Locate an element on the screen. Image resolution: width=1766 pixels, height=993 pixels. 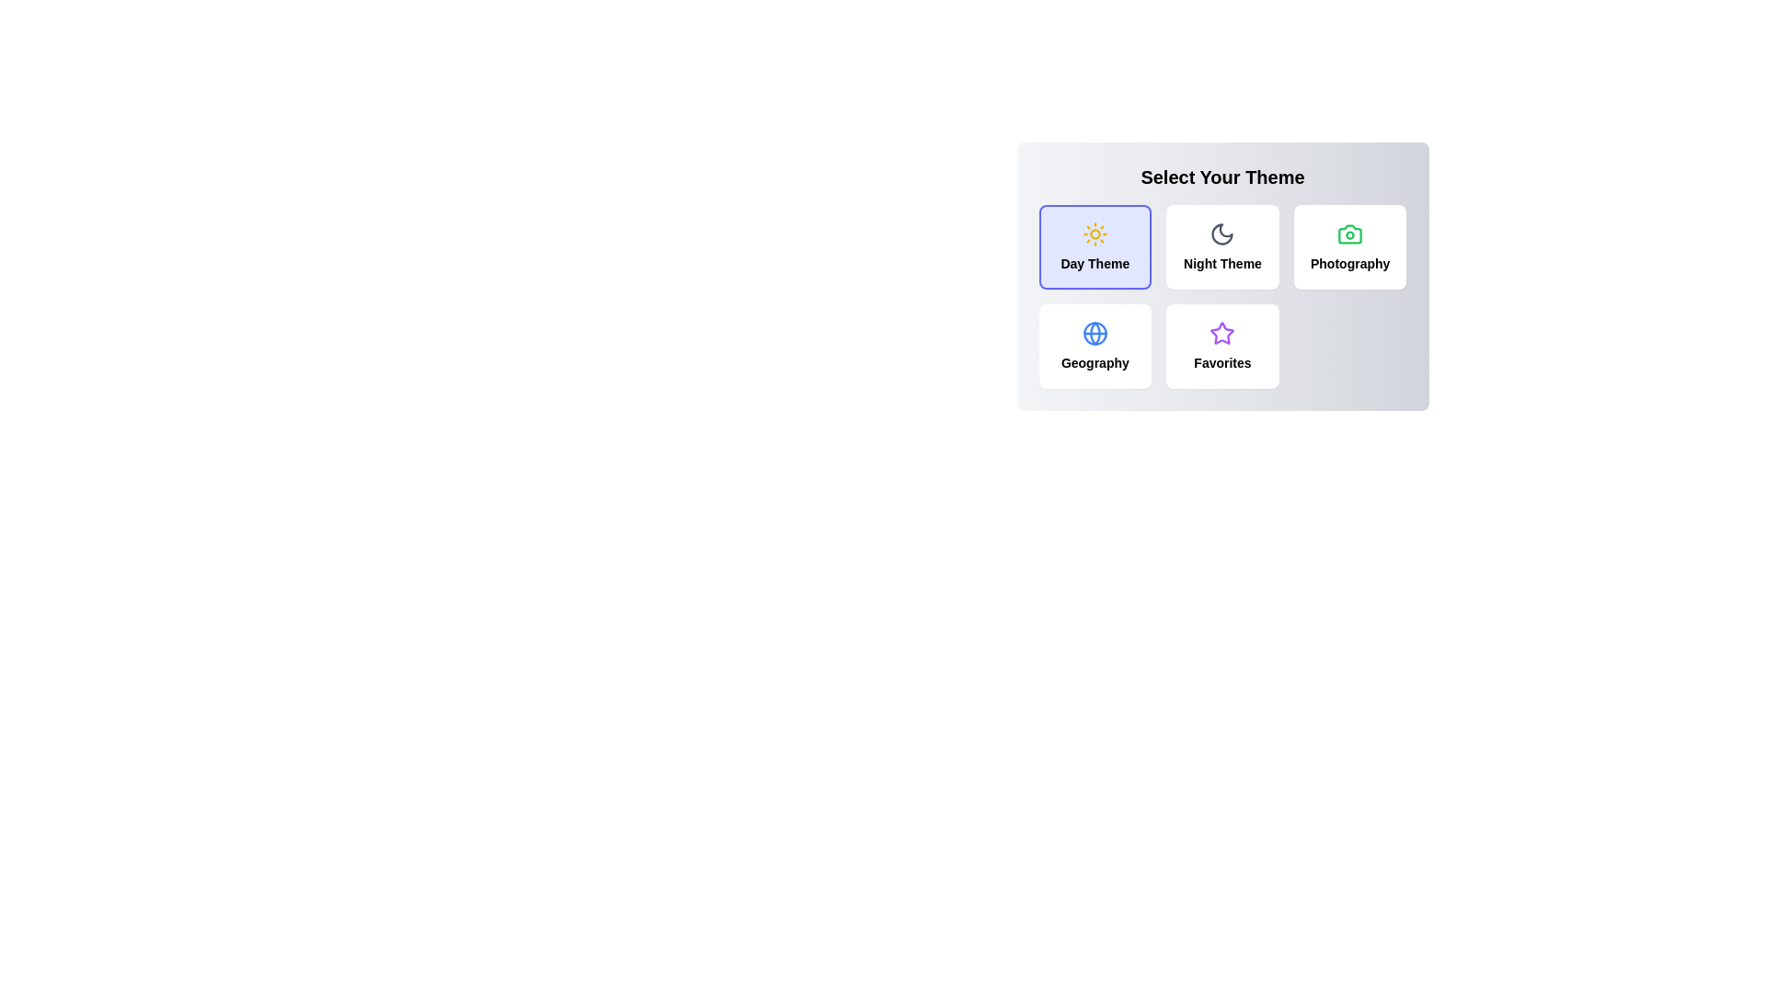
the stylized sun icon located at the center-top of the 'Day Theme' panel is located at coordinates (1095, 233).